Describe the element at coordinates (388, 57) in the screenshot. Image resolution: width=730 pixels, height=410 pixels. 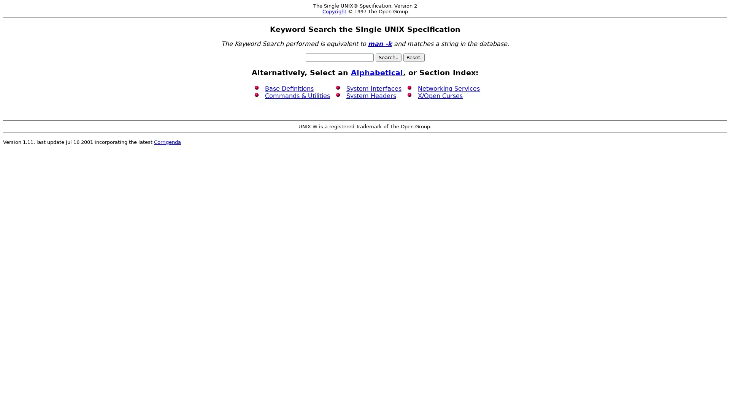
I see `Search..` at that location.